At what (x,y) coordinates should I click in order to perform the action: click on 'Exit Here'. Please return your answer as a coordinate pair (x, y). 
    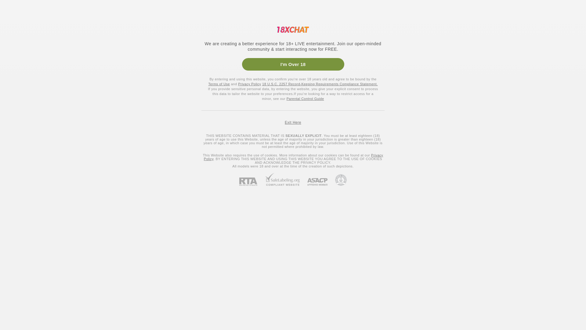
    Looking at the image, I should click on (293, 123).